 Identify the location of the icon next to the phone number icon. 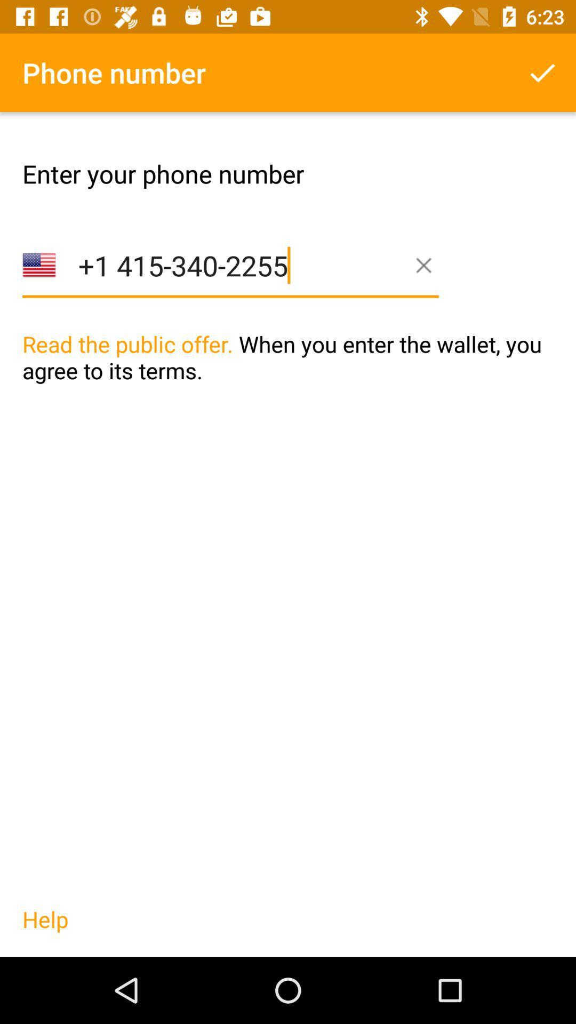
(542, 72).